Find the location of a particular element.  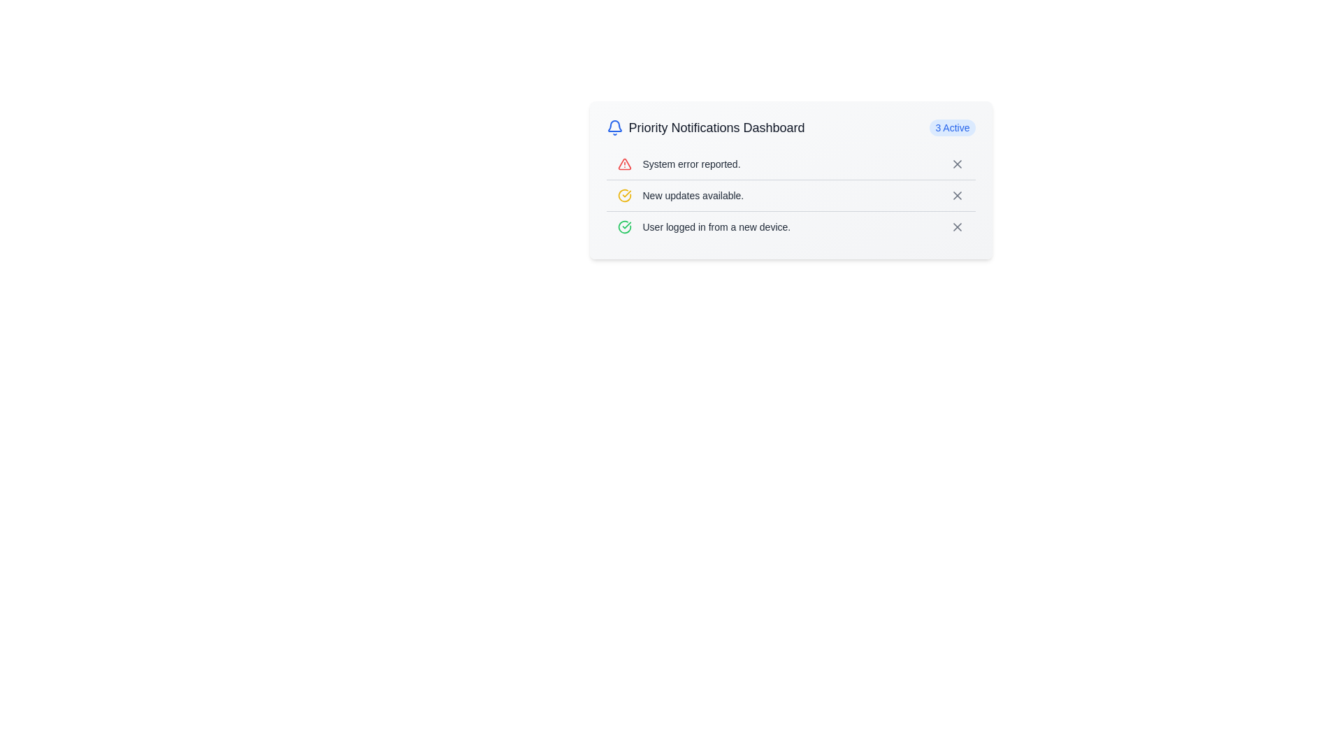

the close icon located in the upper-right section of the notification box is located at coordinates (956, 164).